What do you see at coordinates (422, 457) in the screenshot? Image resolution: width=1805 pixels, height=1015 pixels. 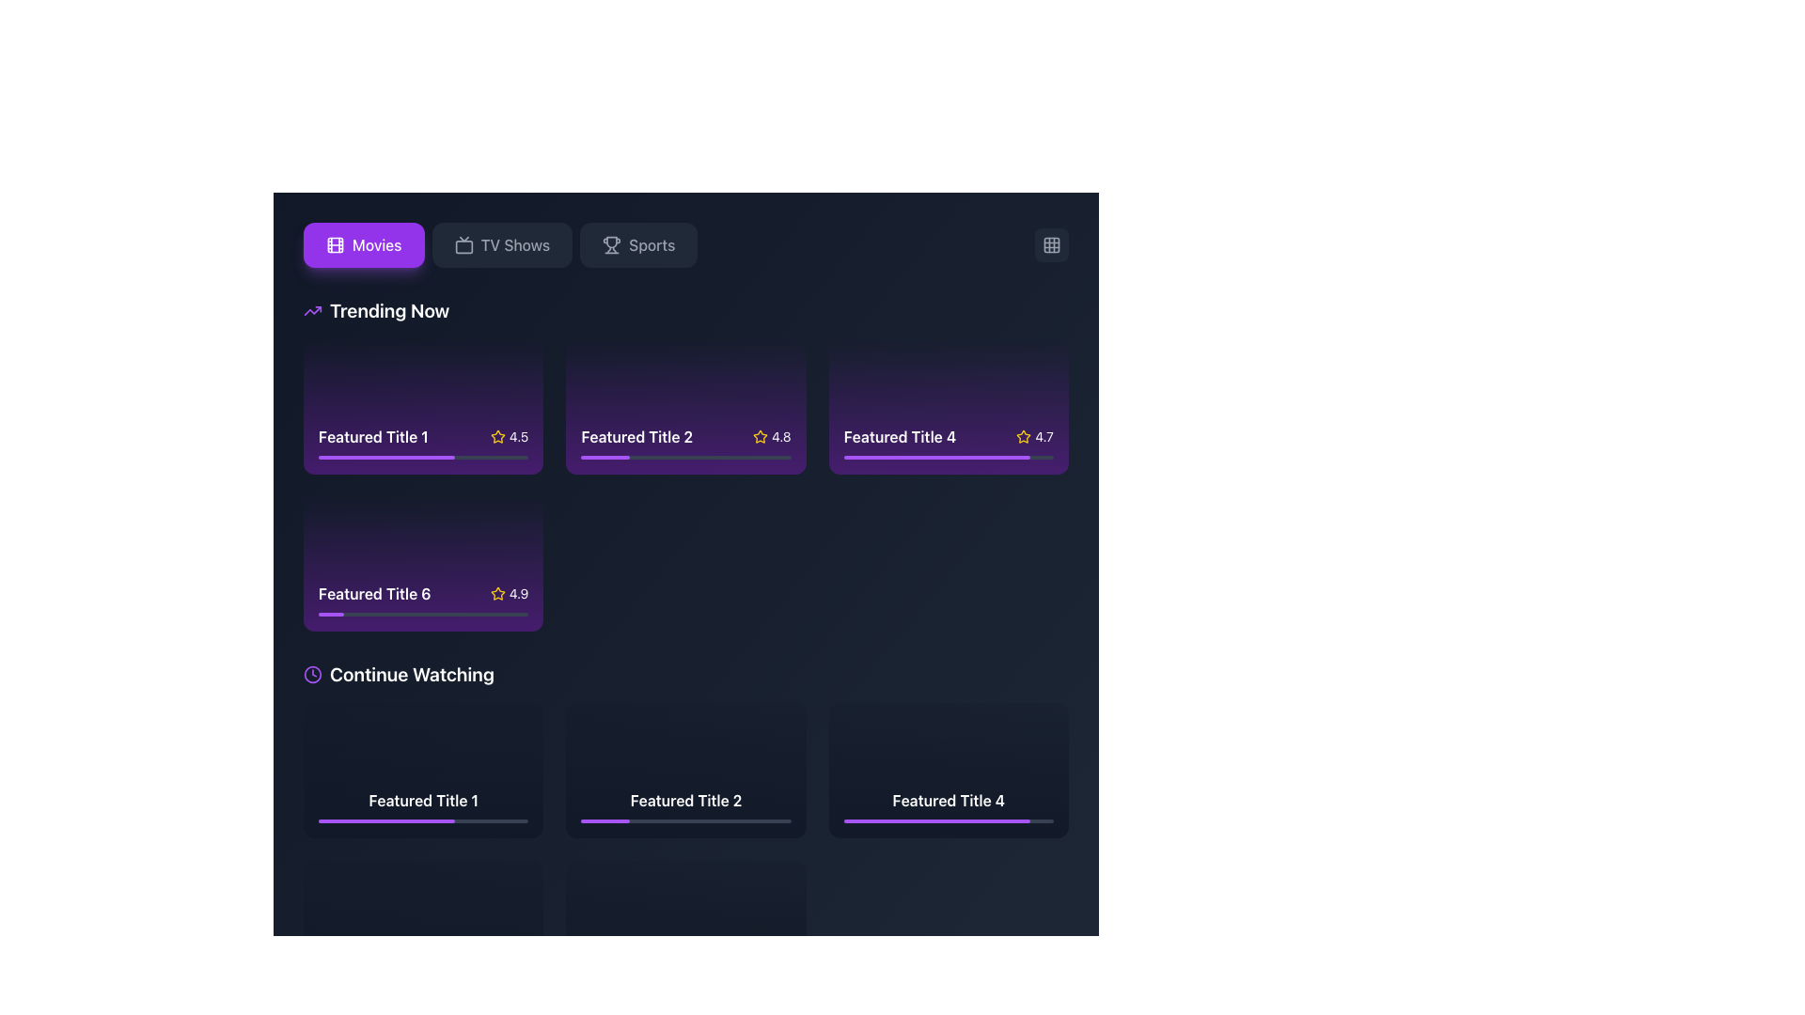 I see `the minimal horizontal progress bar with a gray background and purple-filled portion, located beneath 'Featured Title 1' and the star rating '4.5' in the first card of the 'Trending Now' section` at bounding box center [422, 457].